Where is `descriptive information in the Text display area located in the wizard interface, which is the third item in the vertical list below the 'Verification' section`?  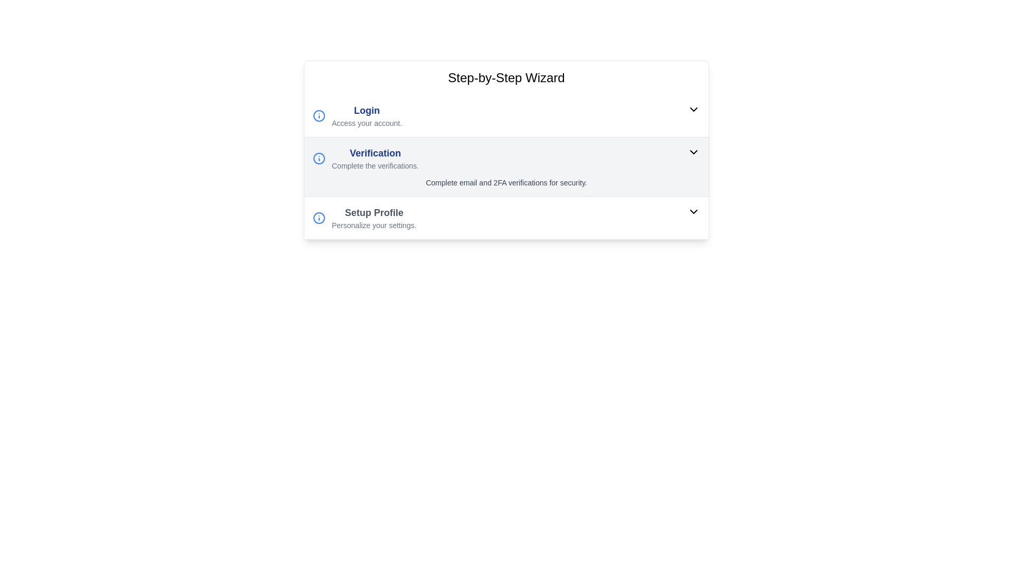
descriptive information in the Text display area located in the wizard interface, which is the third item in the vertical list below the 'Verification' section is located at coordinates (374, 217).